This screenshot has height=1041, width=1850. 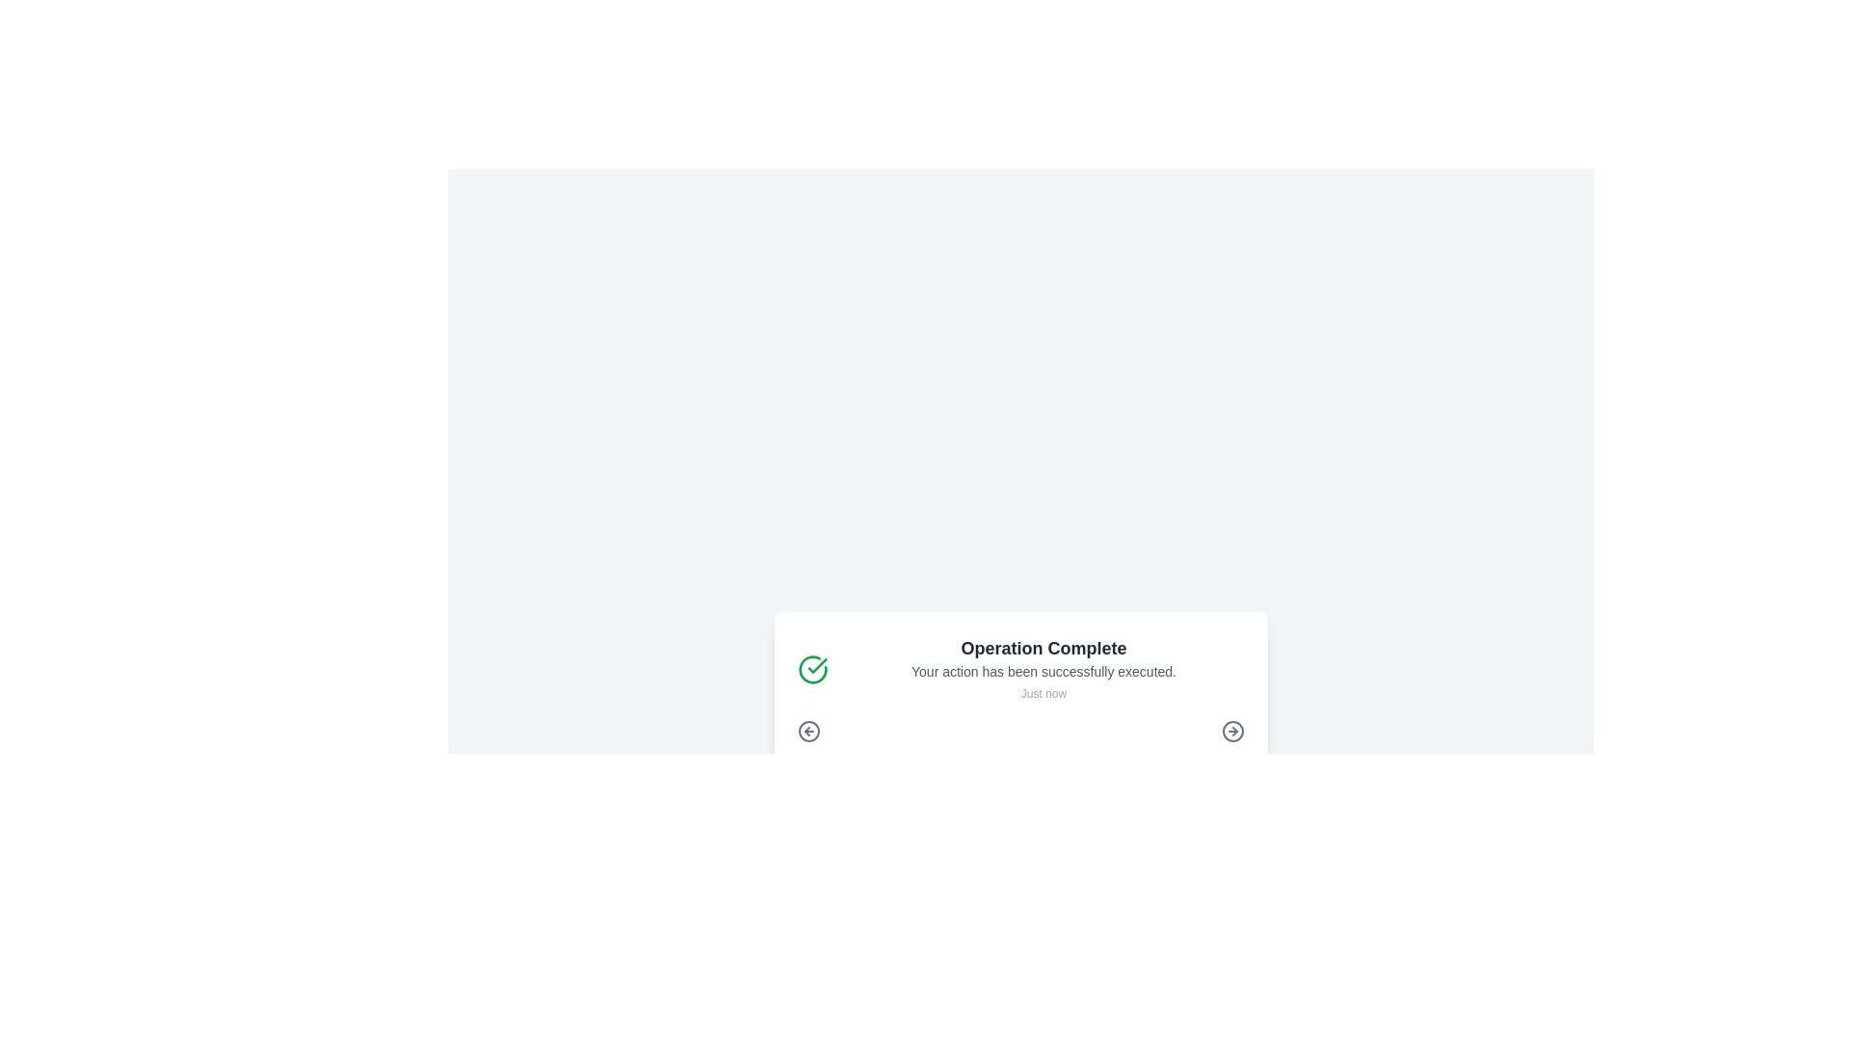 What do you see at coordinates (812, 668) in the screenshot?
I see `the circular SVG graphic icon with a green stroke located to the left of the 'Operation Complete' text` at bounding box center [812, 668].